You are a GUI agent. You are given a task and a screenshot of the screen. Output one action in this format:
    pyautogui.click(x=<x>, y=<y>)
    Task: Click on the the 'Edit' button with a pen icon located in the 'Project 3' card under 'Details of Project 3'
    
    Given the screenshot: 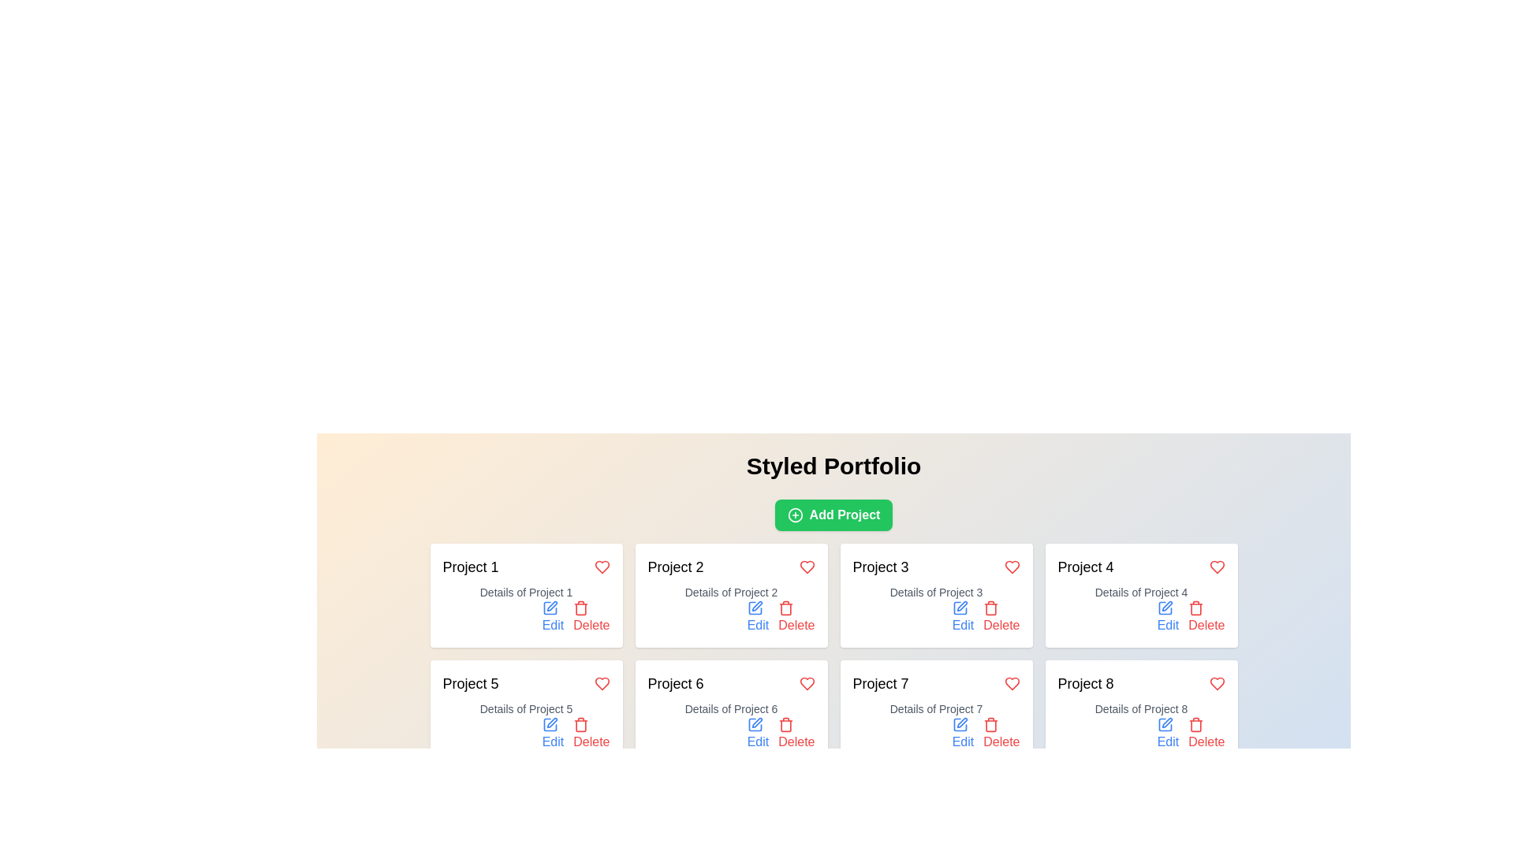 What is the action you would take?
    pyautogui.click(x=962, y=616)
    